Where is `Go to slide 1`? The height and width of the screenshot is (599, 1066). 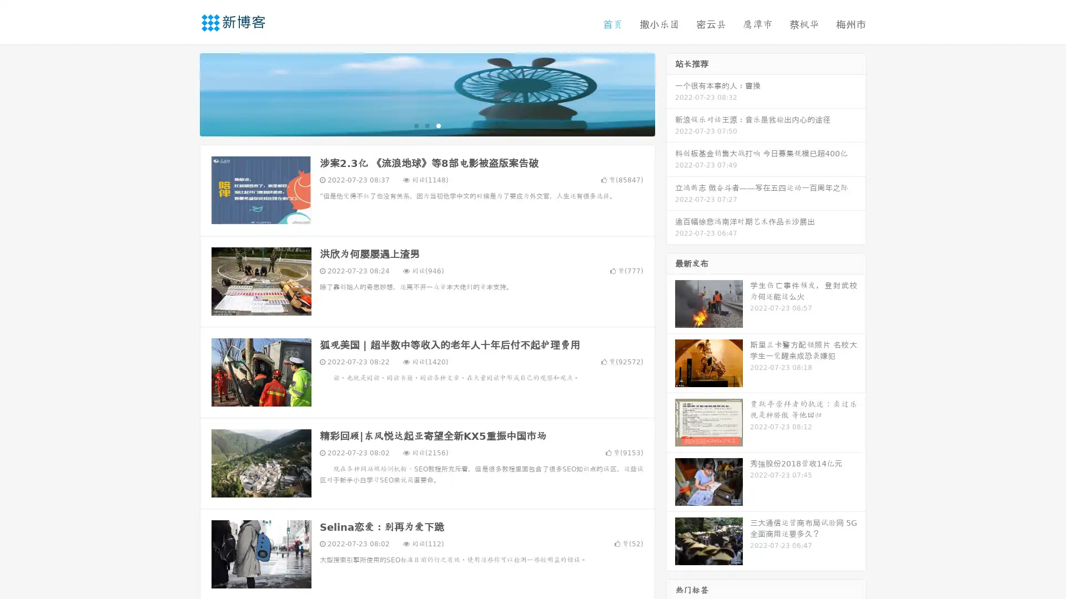
Go to slide 1 is located at coordinates (415, 125).